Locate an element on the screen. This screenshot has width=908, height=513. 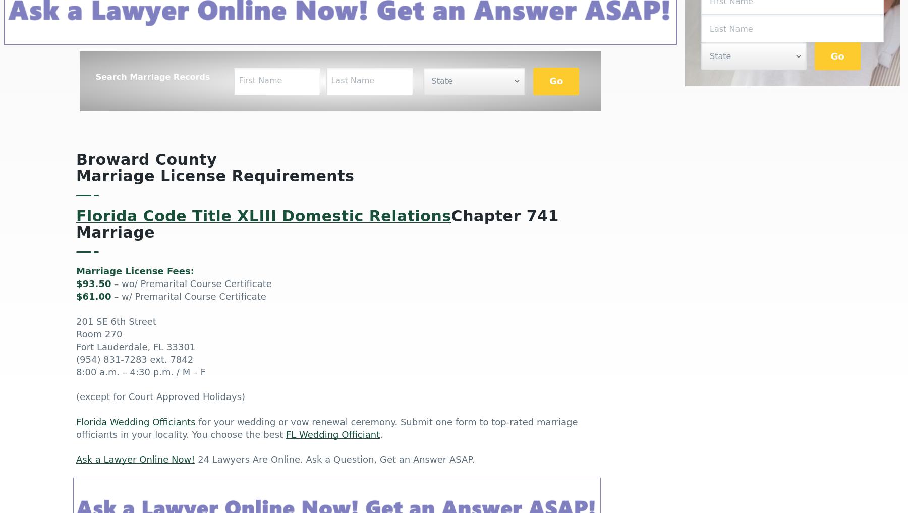
'.' is located at coordinates (380, 435).